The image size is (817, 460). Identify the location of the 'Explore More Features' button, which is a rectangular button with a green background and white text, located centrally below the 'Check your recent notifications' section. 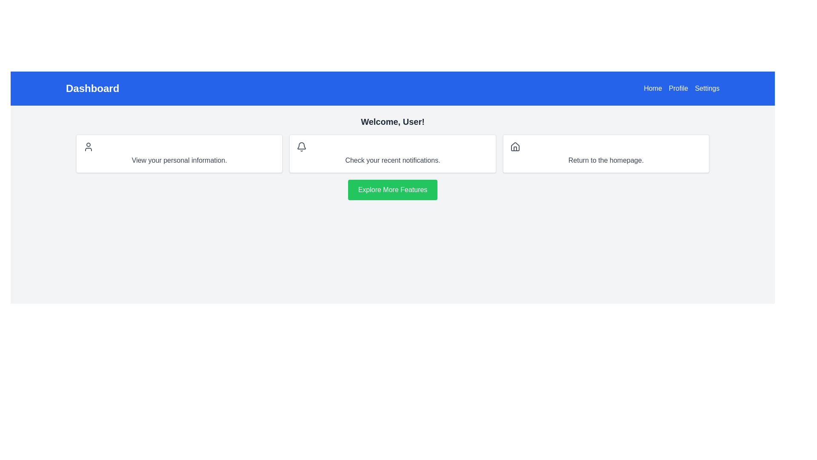
(391, 190).